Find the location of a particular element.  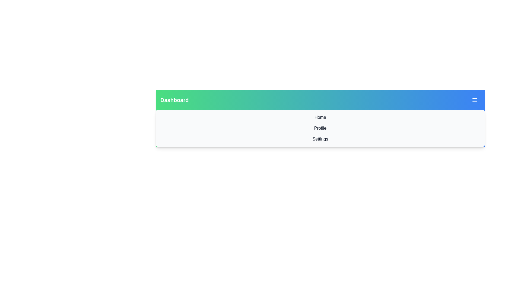

the 'Profile' link, which is the second option in a vertical list under a green-blue gradient header, styled with a cursor pointer is located at coordinates (320, 128).